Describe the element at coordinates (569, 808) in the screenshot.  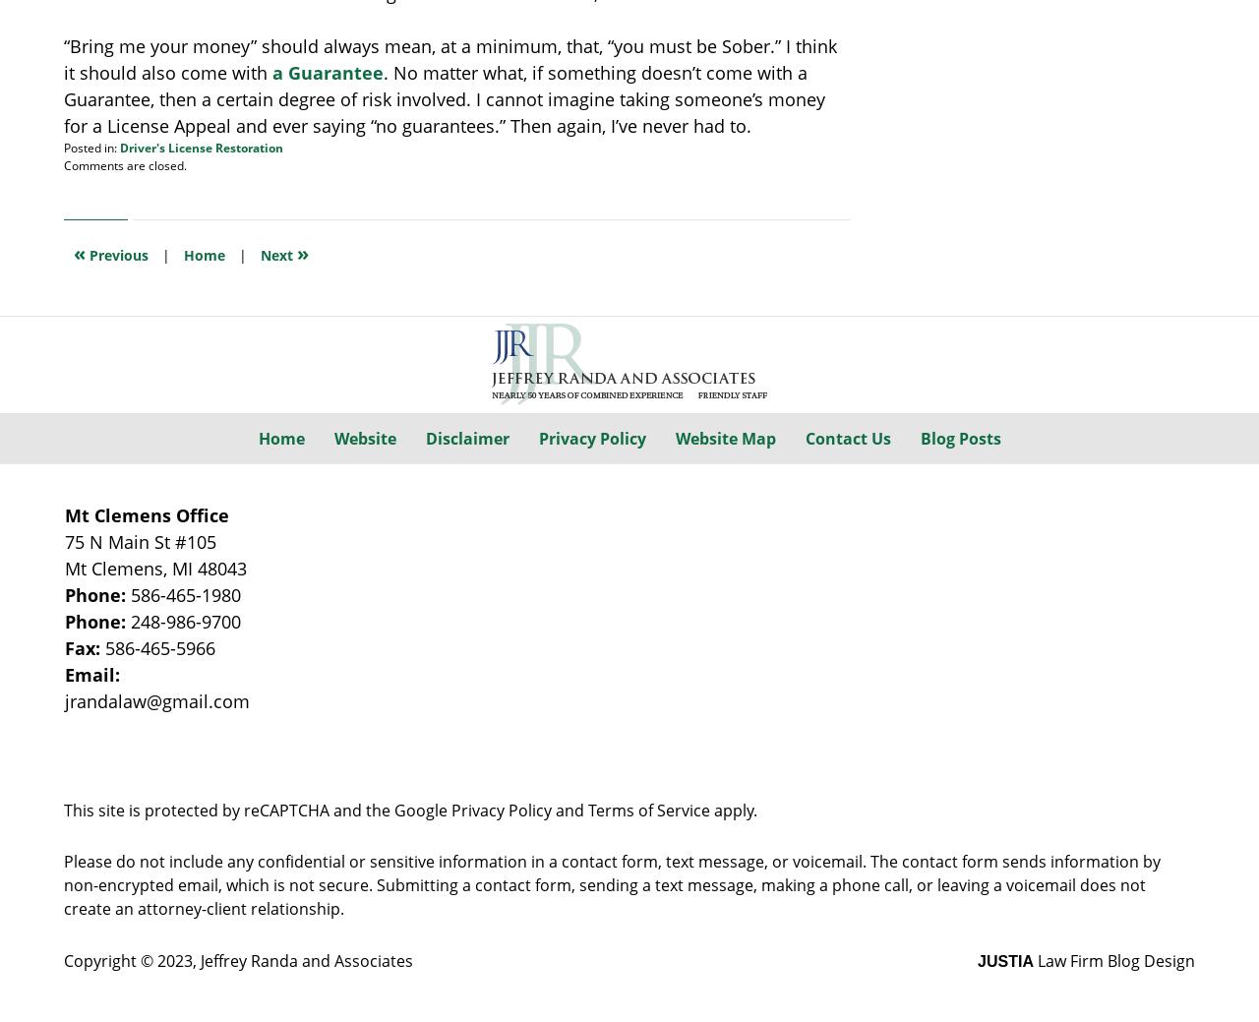
I see `'and'` at that location.